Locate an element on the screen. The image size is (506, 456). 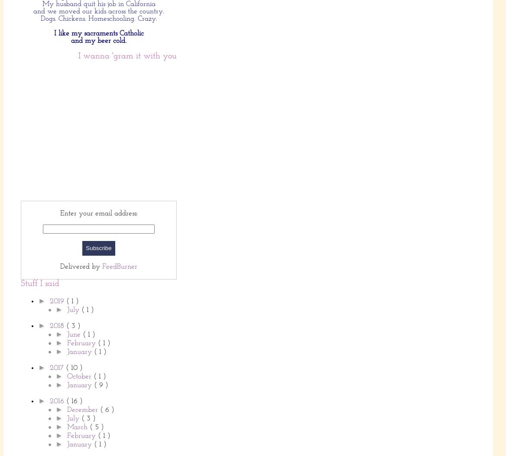
'October' is located at coordinates (66, 376).